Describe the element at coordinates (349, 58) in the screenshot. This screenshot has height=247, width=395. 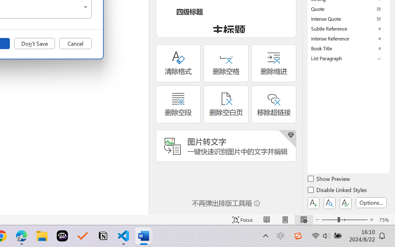
I see `'List Paragraph'` at that location.